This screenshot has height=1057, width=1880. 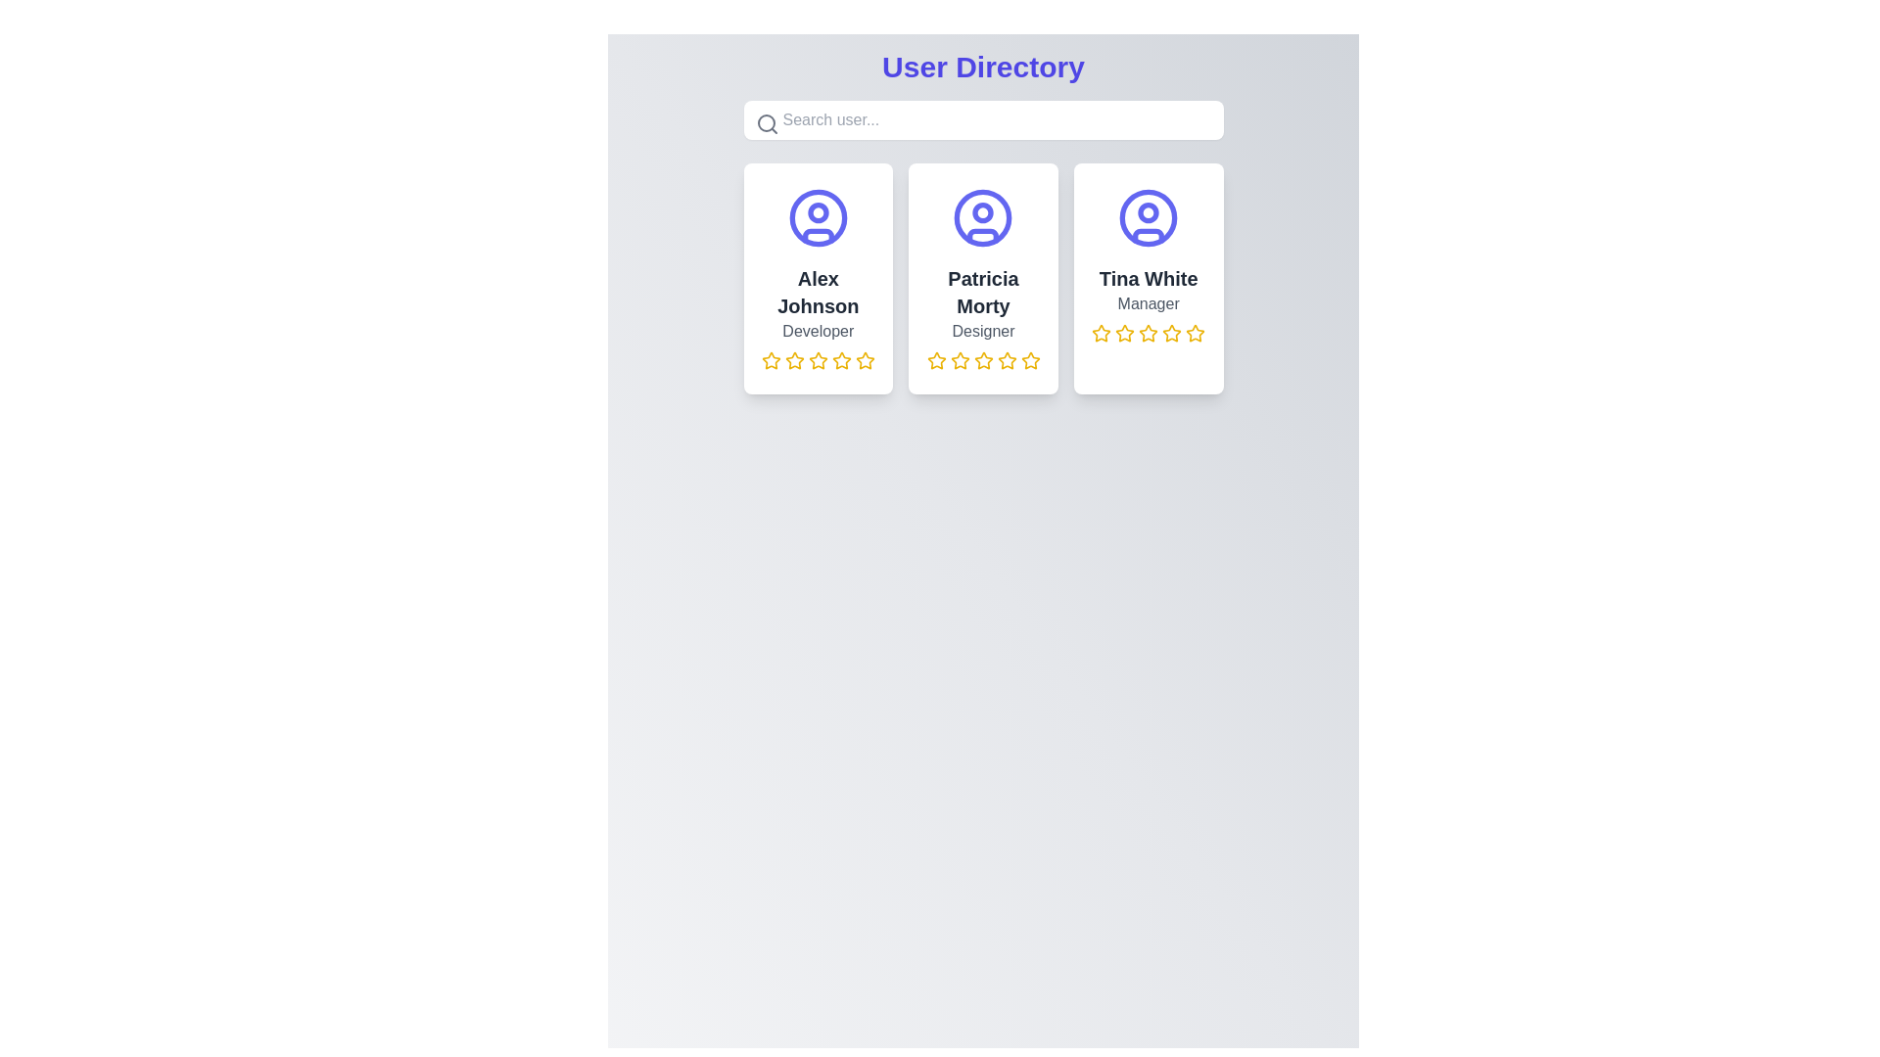 What do you see at coordinates (983, 361) in the screenshot?
I see `the fourth star icon in the rating system beneath the profile card titled 'Patricia Morty'` at bounding box center [983, 361].